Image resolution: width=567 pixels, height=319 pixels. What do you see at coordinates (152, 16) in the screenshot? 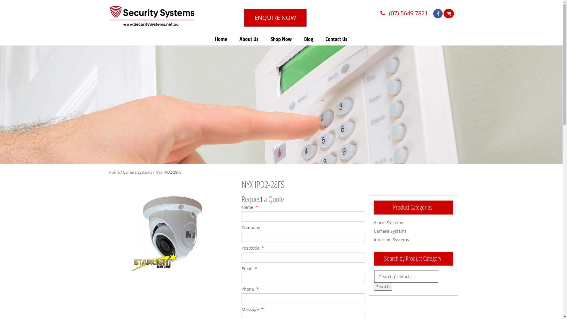
I see `'Security Systems Online'` at bounding box center [152, 16].